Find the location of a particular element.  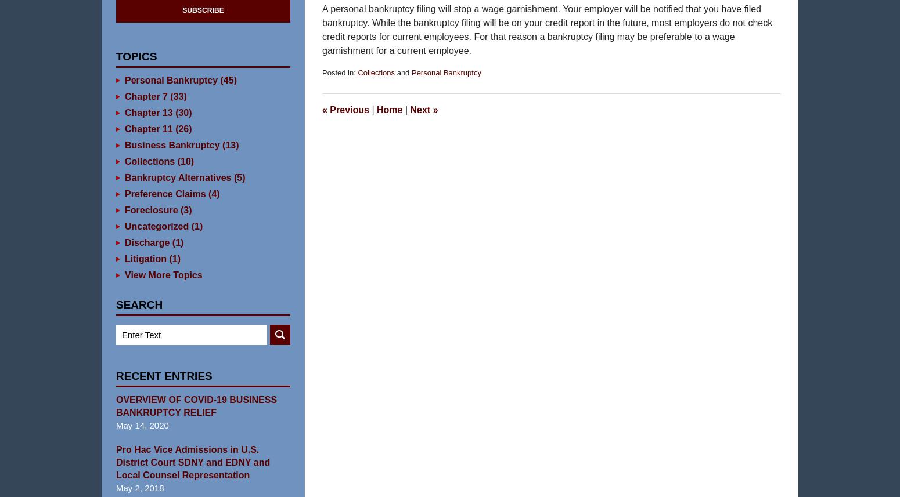

'Discharge' is located at coordinates (146, 260).